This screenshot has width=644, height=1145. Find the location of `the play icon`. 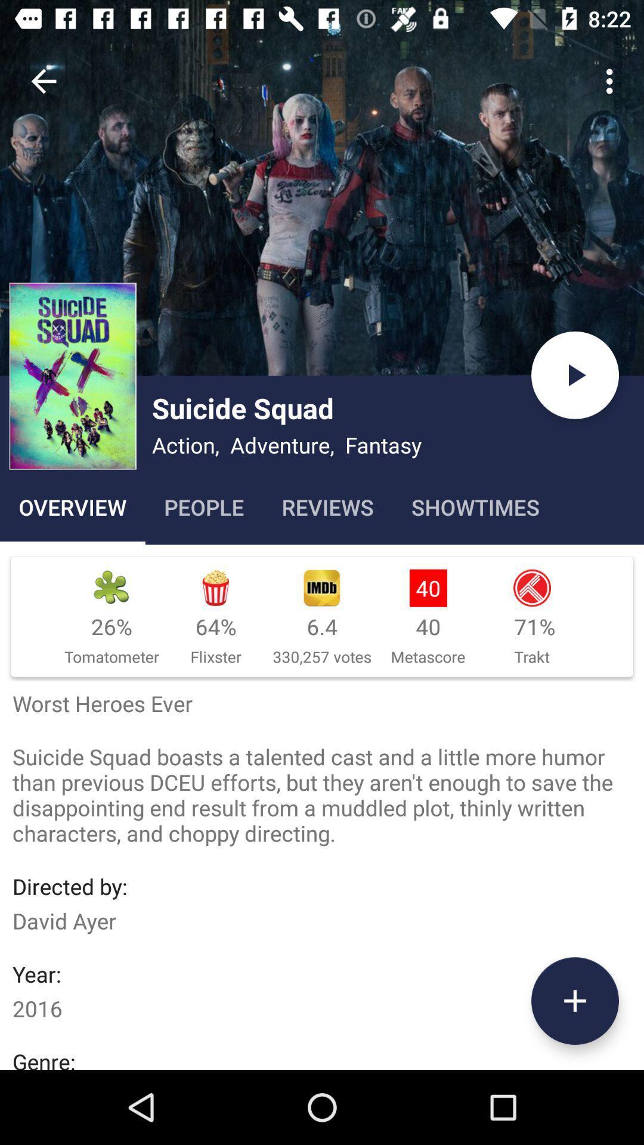

the play icon is located at coordinates (574, 375).